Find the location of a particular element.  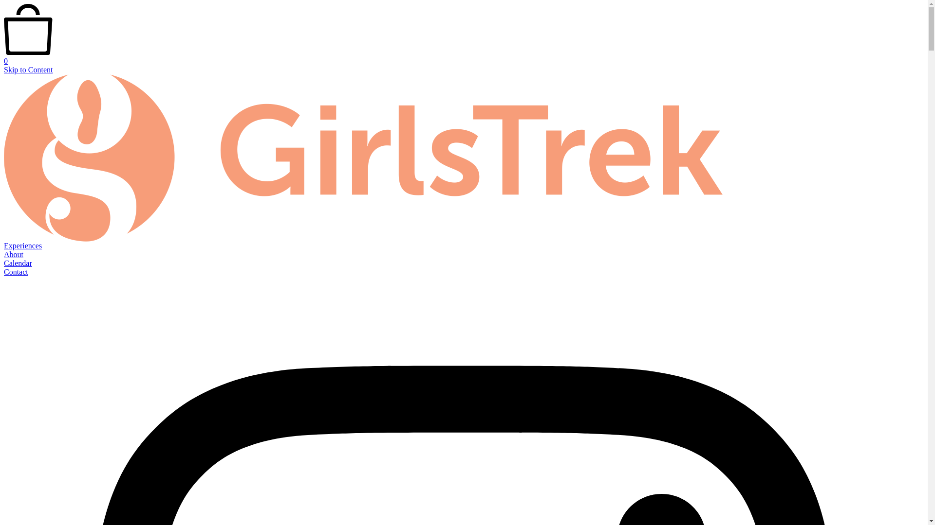

'Calendar' is located at coordinates (18, 263).